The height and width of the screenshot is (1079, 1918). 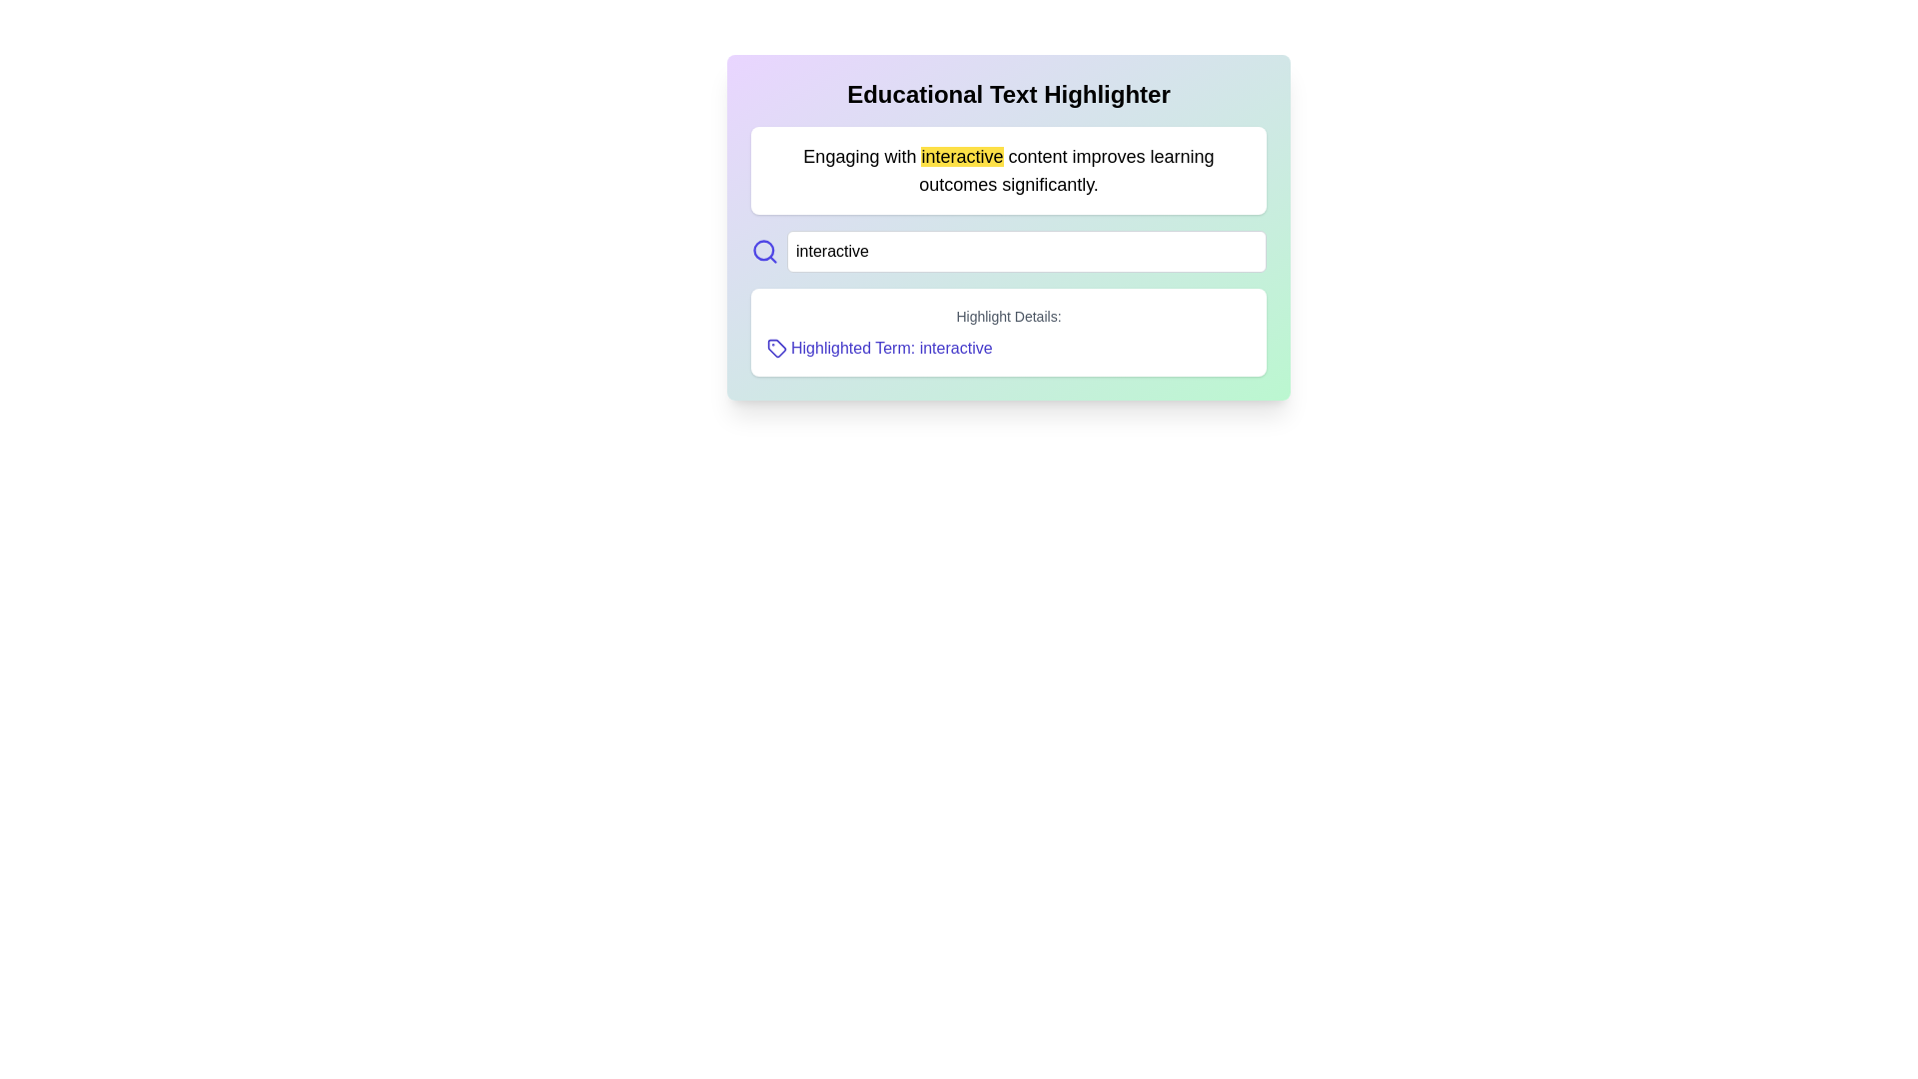 What do you see at coordinates (764, 250) in the screenshot?
I see `the decorative search icon located immediately to the left of the text input field with the placeholder 'Enter term` at bounding box center [764, 250].